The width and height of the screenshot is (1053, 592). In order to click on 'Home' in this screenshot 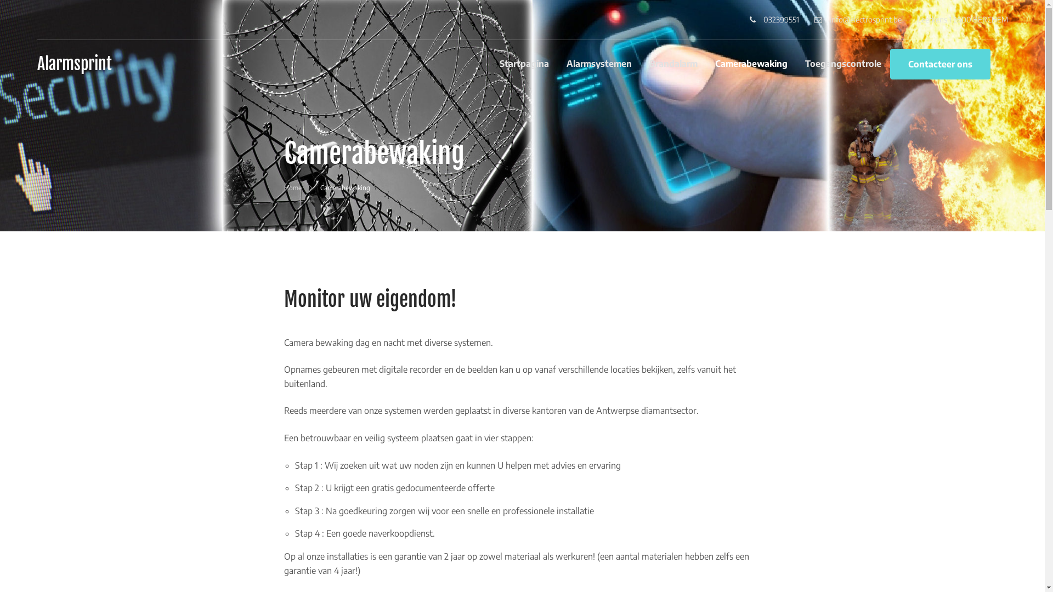, I will do `click(284, 187)`.